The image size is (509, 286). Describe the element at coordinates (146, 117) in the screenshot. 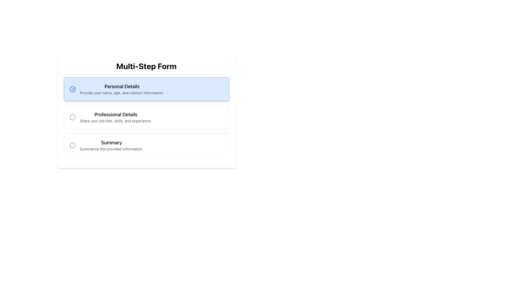

I see `contents of the 'Professional Details' section within the 'Multi-Step Form', which includes a bold heading and a description about sharing job title, skills, and experience` at that location.